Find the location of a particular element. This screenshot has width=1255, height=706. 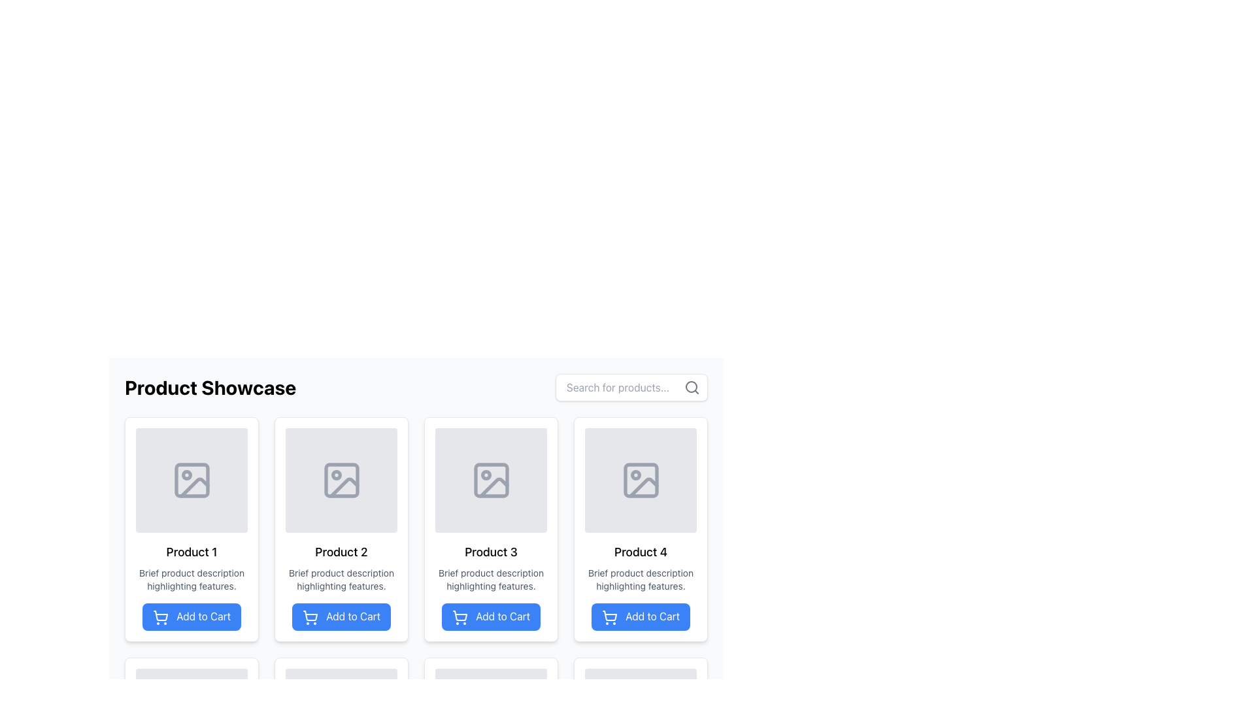

the decorative circle icon within the image placeholder of the first product card labeled 'Product 1' is located at coordinates (186, 475).